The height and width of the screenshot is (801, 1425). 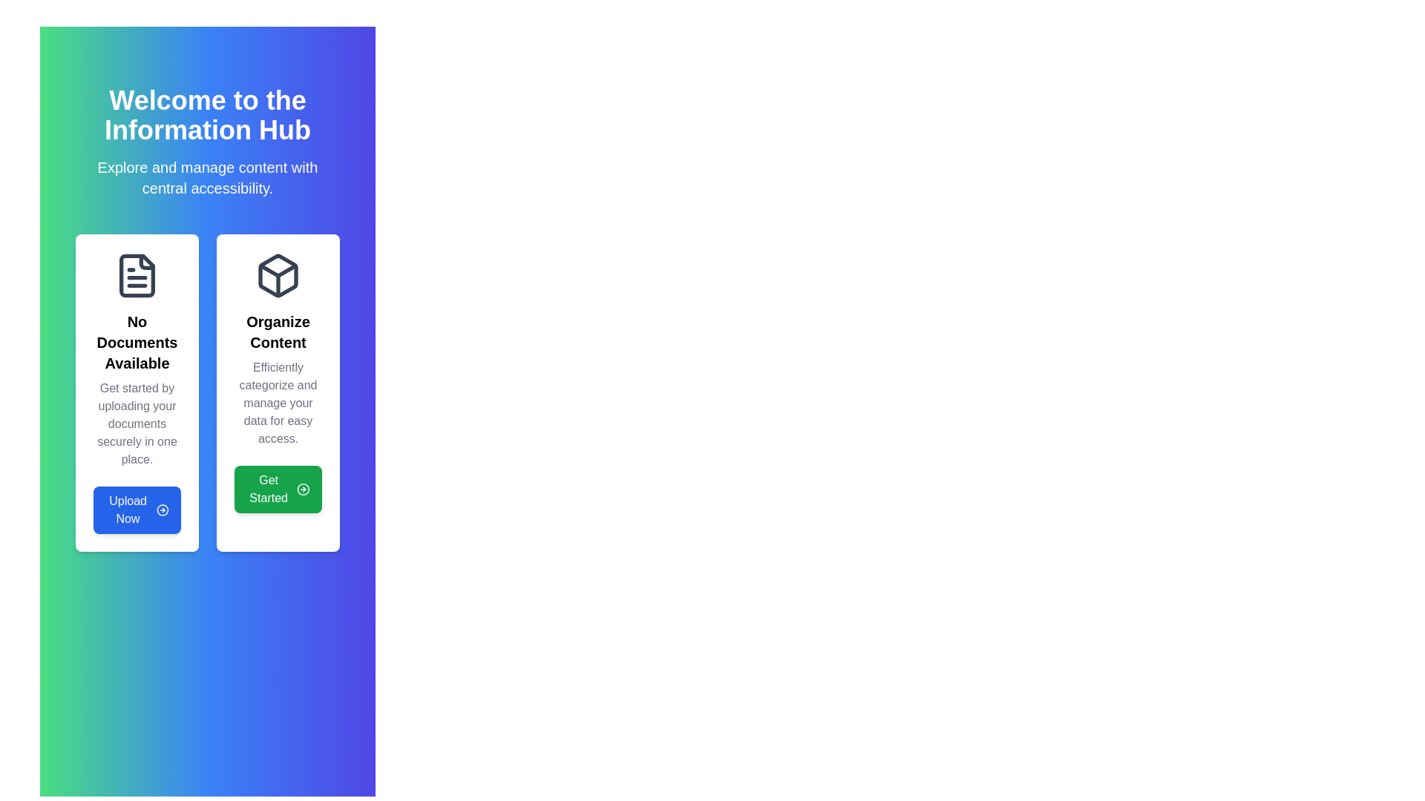 I want to click on the geometric icon resembling a three-dimensional box located at the top of the 'Organize Content' panel, which is positioned on the right side of the interface, so click(x=278, y=275).